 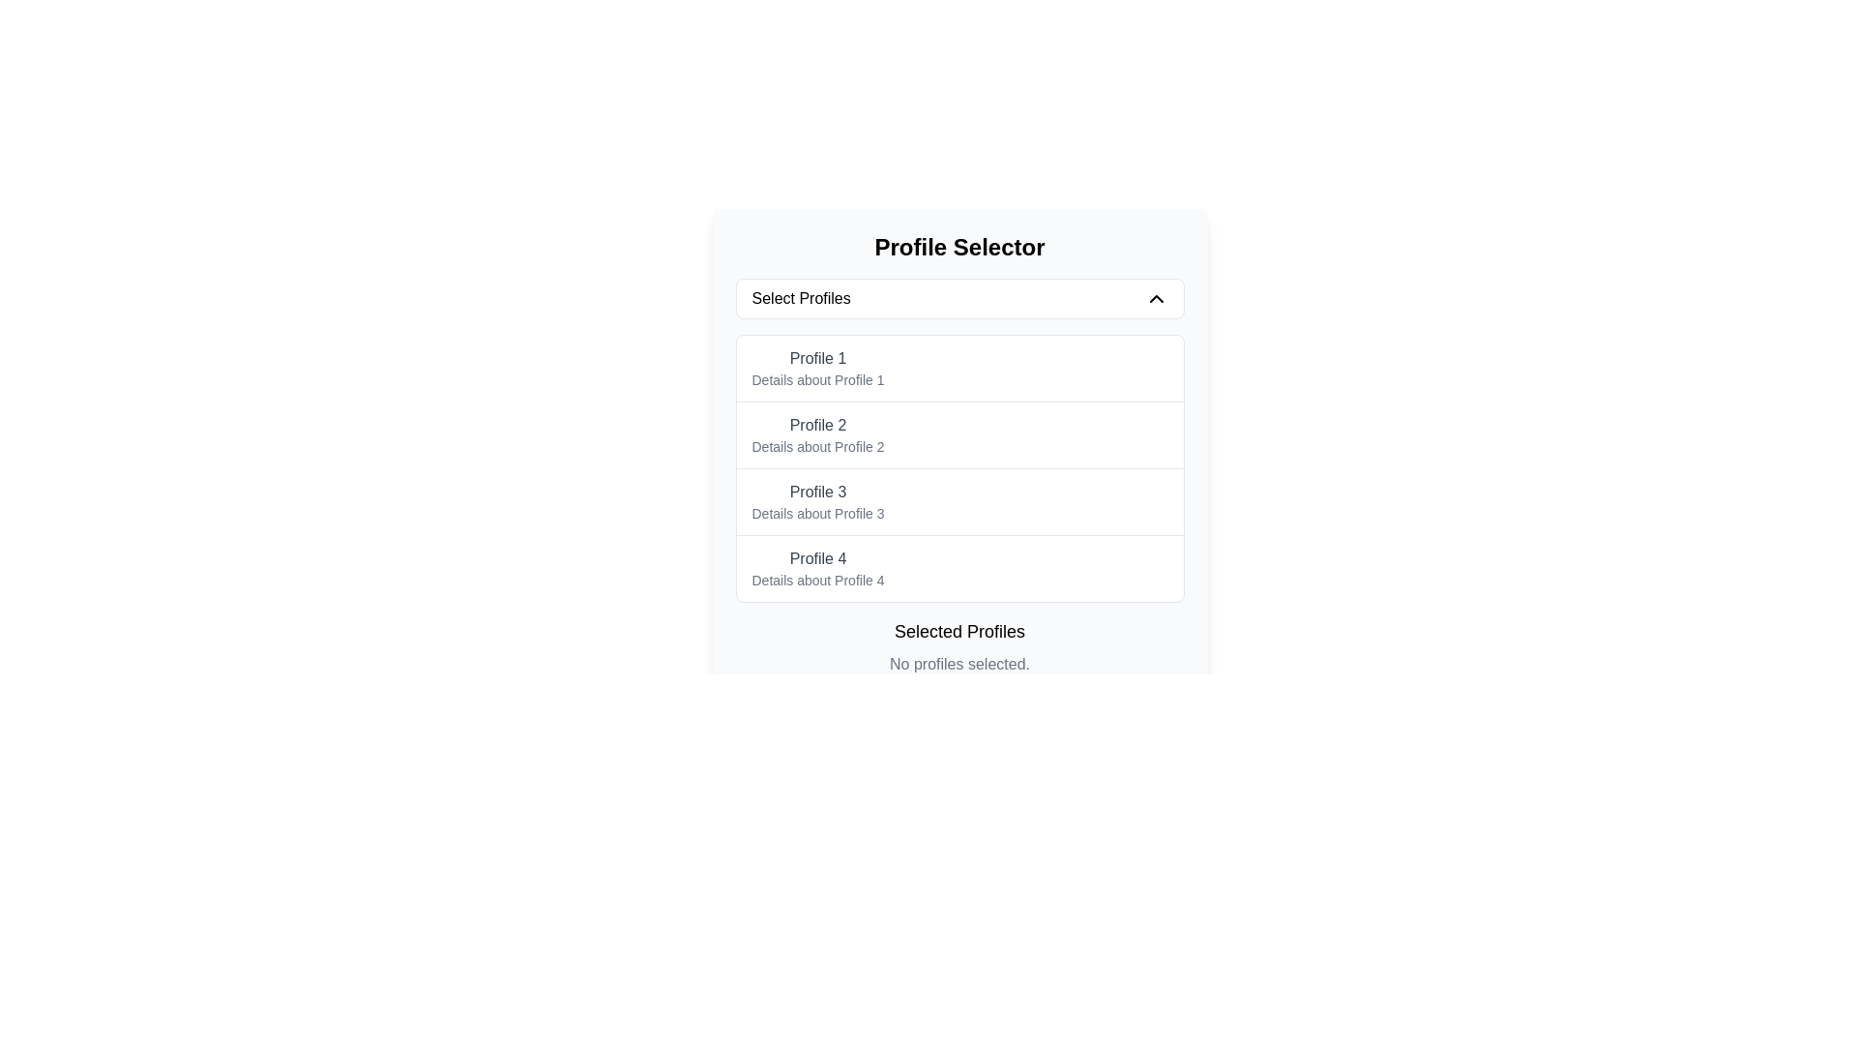 What do you see at coordinates (959, 567) in the screenshot?
I see `the selectable list item representing 'Profile 4' for keyboard interaction` at bounding box center [959, 567].